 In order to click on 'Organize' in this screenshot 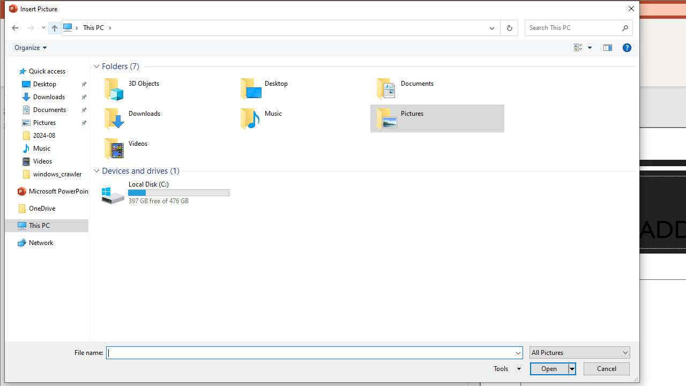, I will do `click(30, 47)`.